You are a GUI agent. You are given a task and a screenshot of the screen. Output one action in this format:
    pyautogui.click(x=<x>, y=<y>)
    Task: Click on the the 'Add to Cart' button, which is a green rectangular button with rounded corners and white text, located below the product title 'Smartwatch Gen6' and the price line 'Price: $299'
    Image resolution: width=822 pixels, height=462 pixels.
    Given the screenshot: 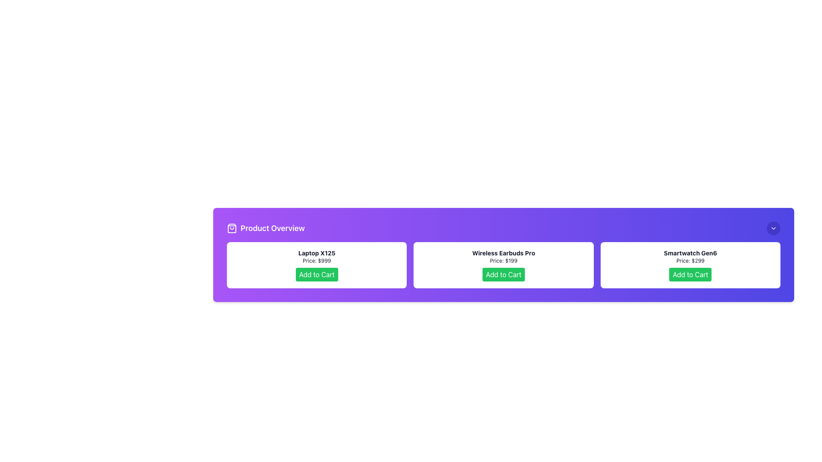 What is the action you would take?
    pyautogui.click(x=690, y=274)
    